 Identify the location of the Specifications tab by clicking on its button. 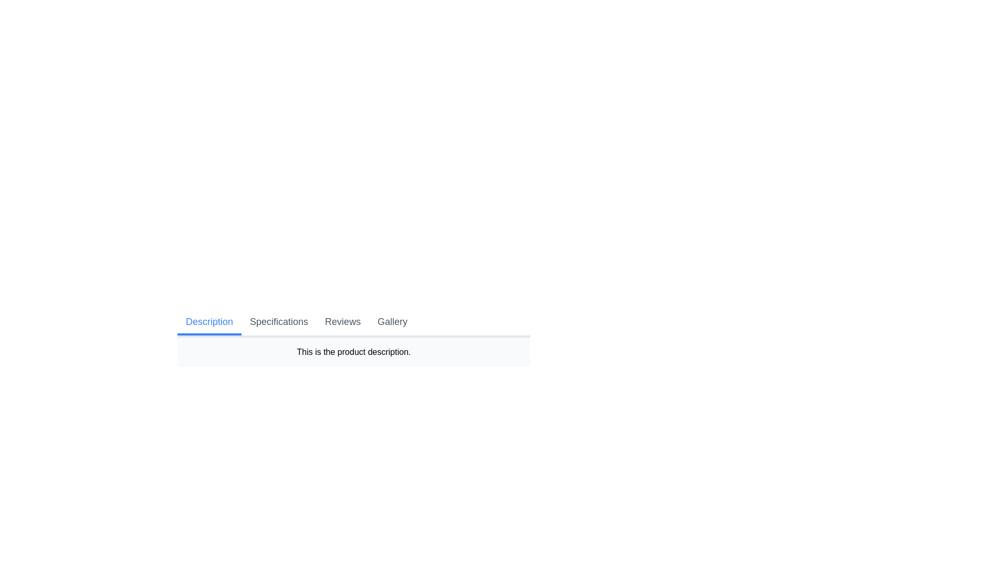
(279, 322).